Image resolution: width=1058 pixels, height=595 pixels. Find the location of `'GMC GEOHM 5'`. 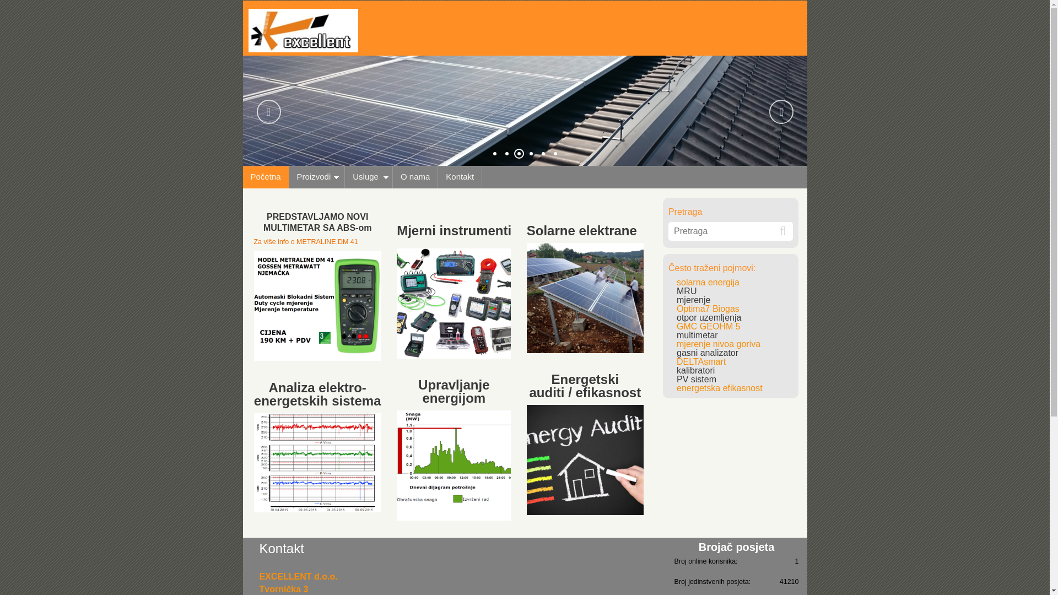

'GMC GEOHM 5' is located at coordinates (709, 326).